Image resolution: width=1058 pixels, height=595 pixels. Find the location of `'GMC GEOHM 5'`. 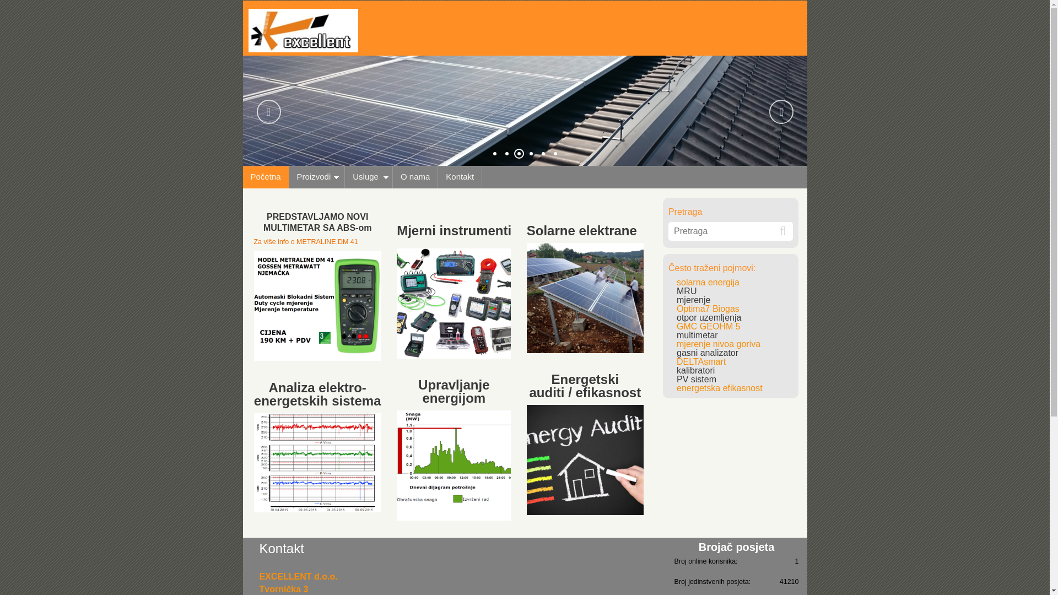

'GMC GEOHM 5' is located at coordinates (709, 326).